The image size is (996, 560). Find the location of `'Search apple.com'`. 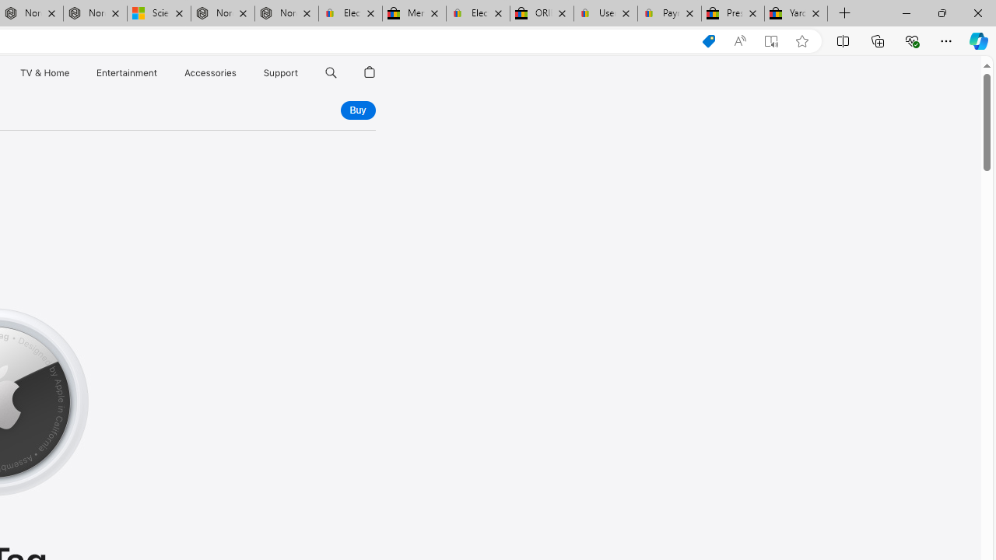

'Search apple.com' is located at coordinates (330, 72).